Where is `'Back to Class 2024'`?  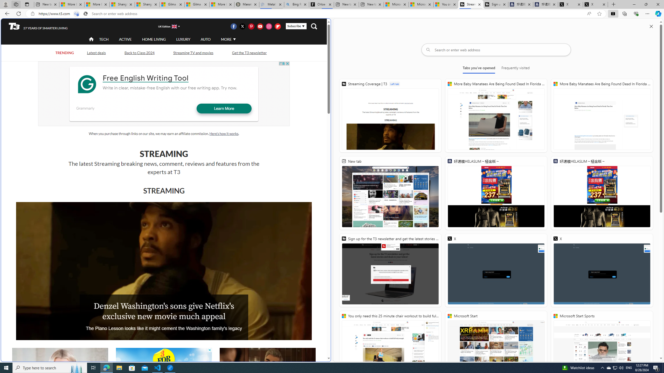 'Back to Class 2024' is located at coordinates (139, 52).